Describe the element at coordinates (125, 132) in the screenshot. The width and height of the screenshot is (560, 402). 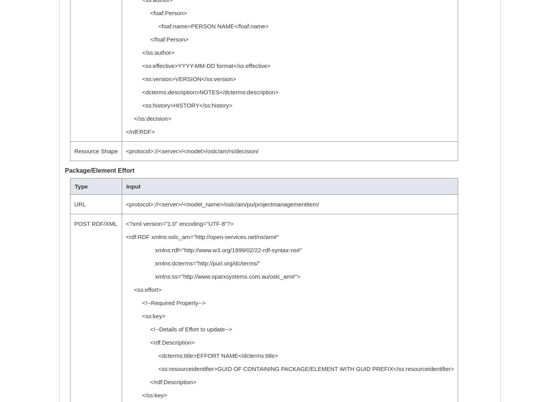
I see `'</rdf:RDF>'` at that location.